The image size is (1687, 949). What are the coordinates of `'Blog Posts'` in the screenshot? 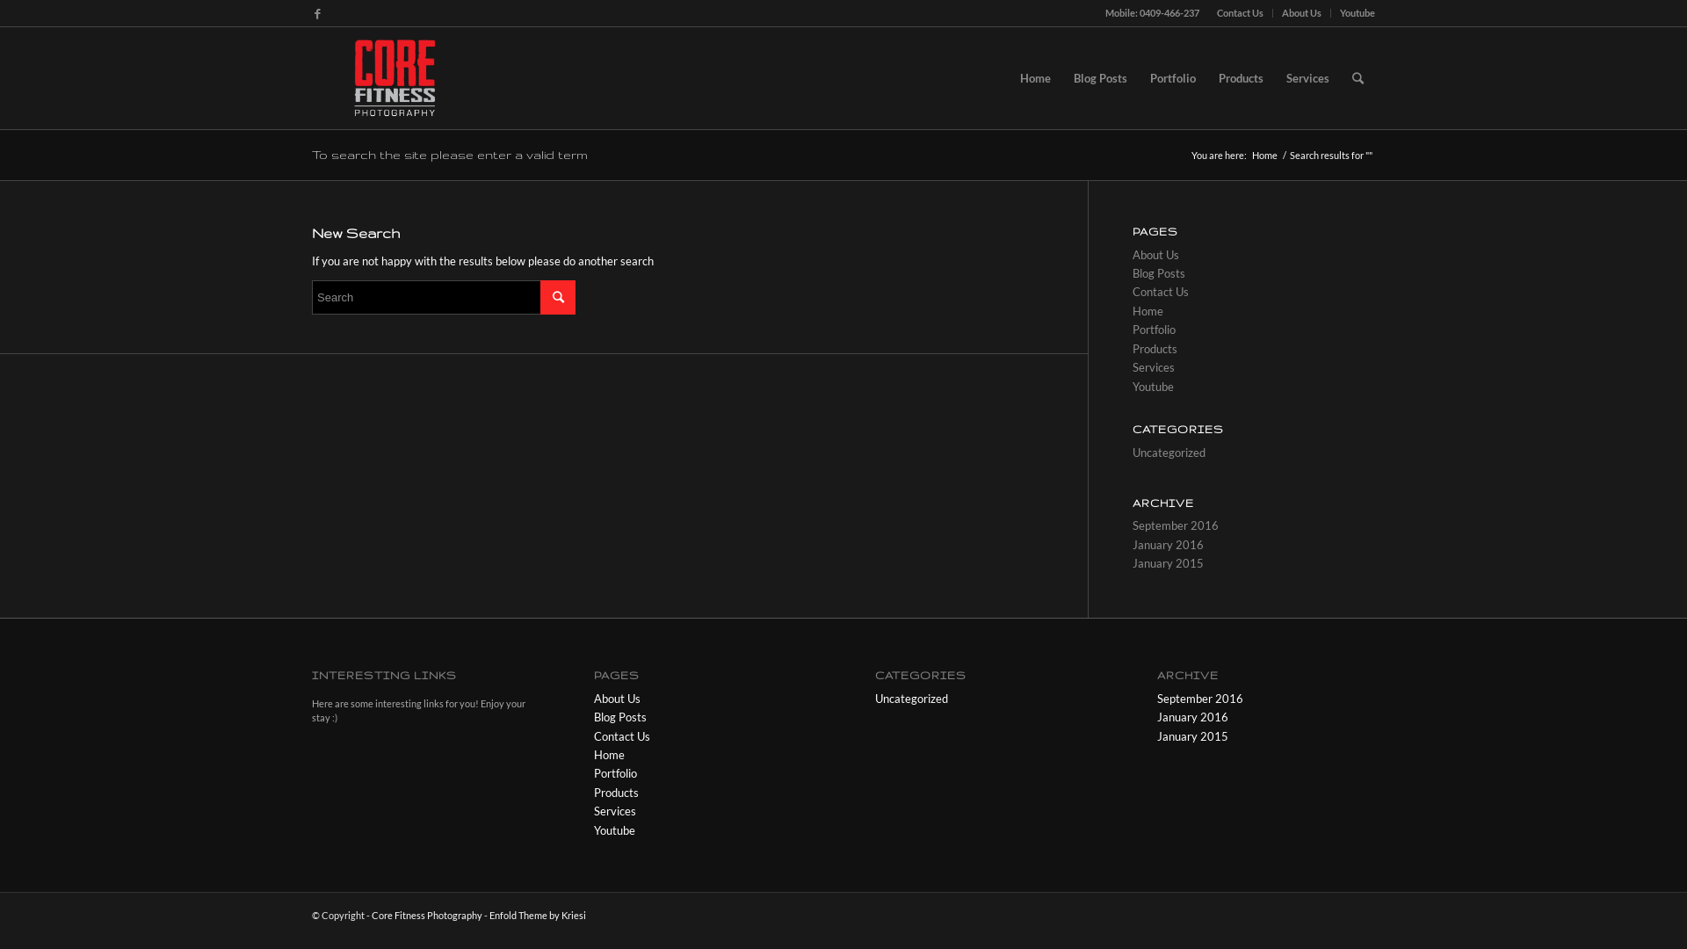 It's located at (619, 717).